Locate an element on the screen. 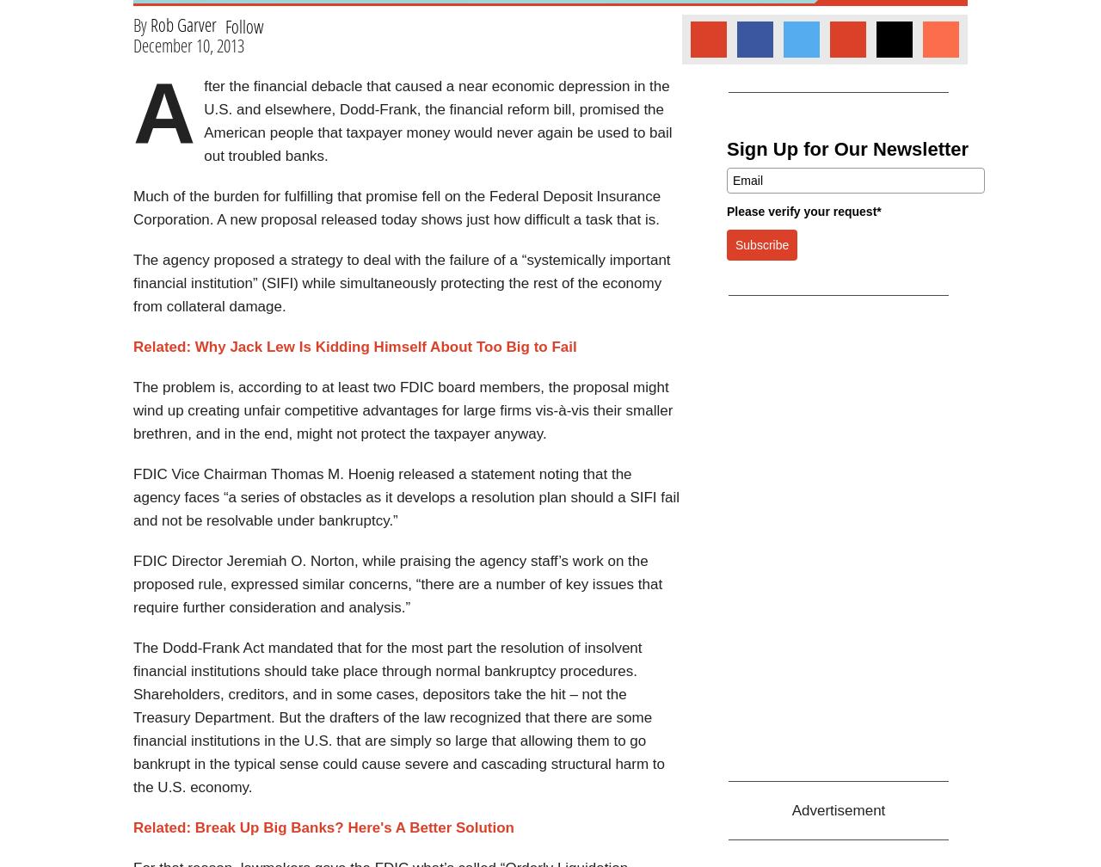  'Much of the burden for fulfilling that promise fell on the Federal Deposit Insurance Corporation. A new proposal released today shows just how difficult a task that is.' is located at coordinates (396, 208).